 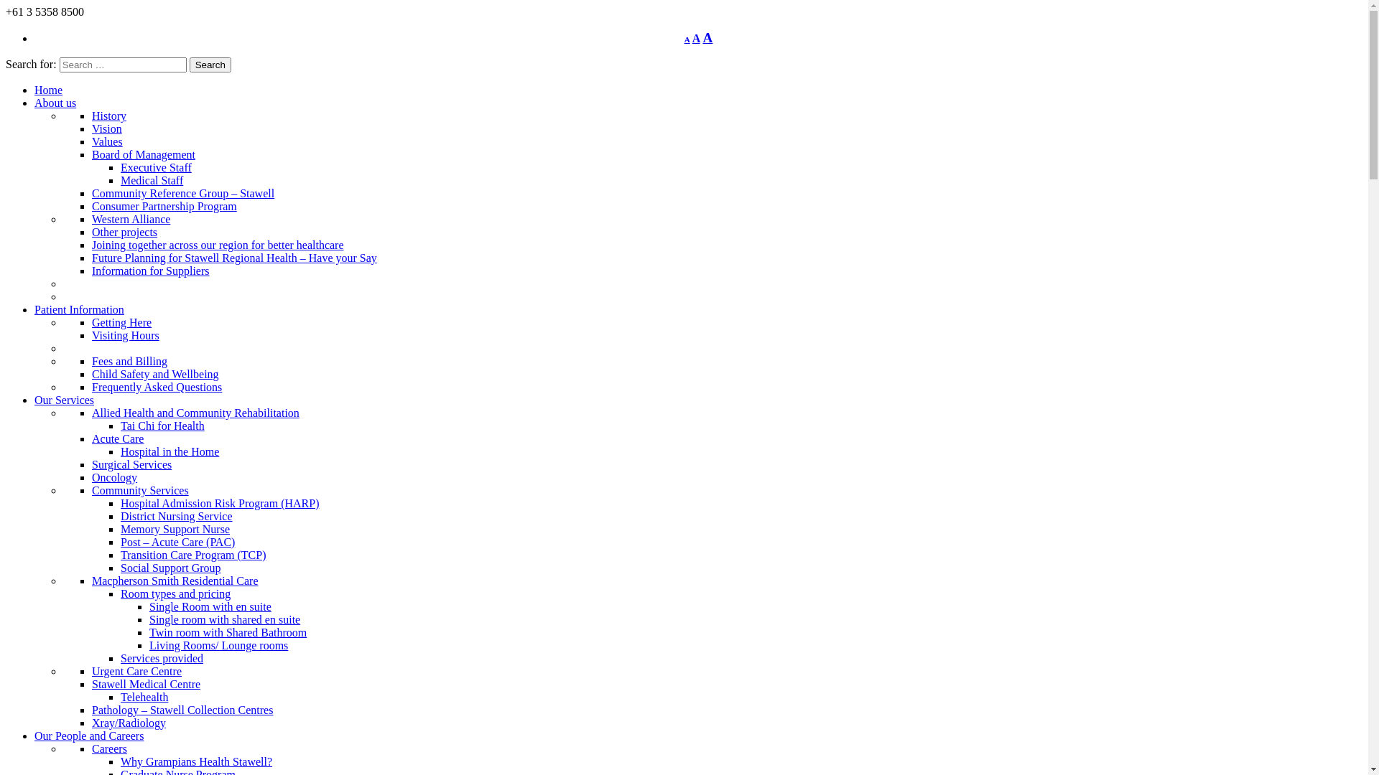 I want to click on 'Patient Information', so click(x=78, y=309).